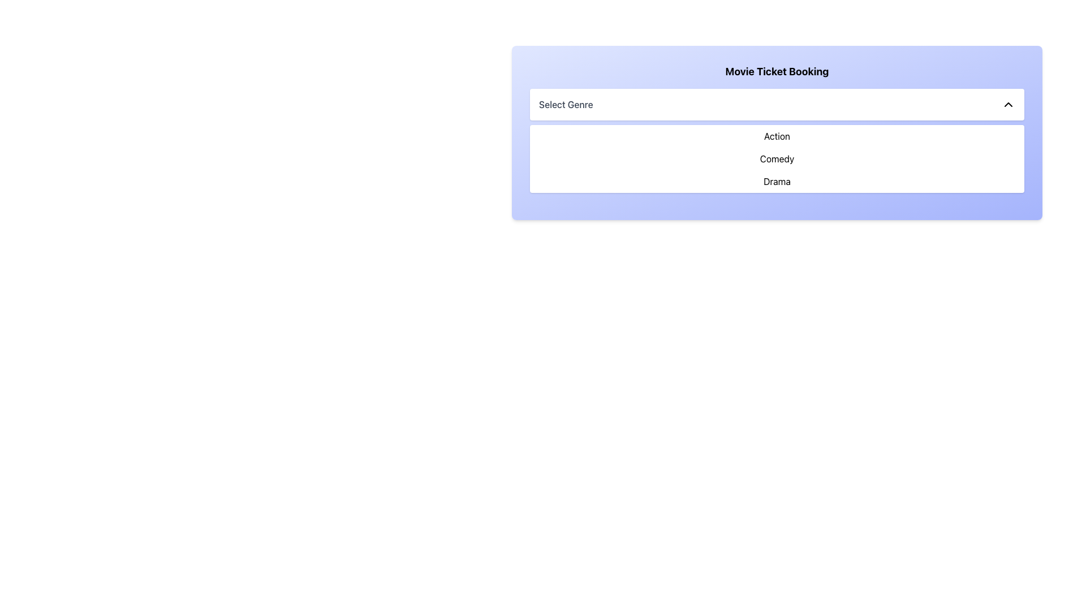 The height and width of the screenshot is (611, 1086). Describe the element at coordinates (776, 159) in the screenshot. I see `the option in the List Menu that displays 'Action', 'Comedy', or 'Drama'` at that location.